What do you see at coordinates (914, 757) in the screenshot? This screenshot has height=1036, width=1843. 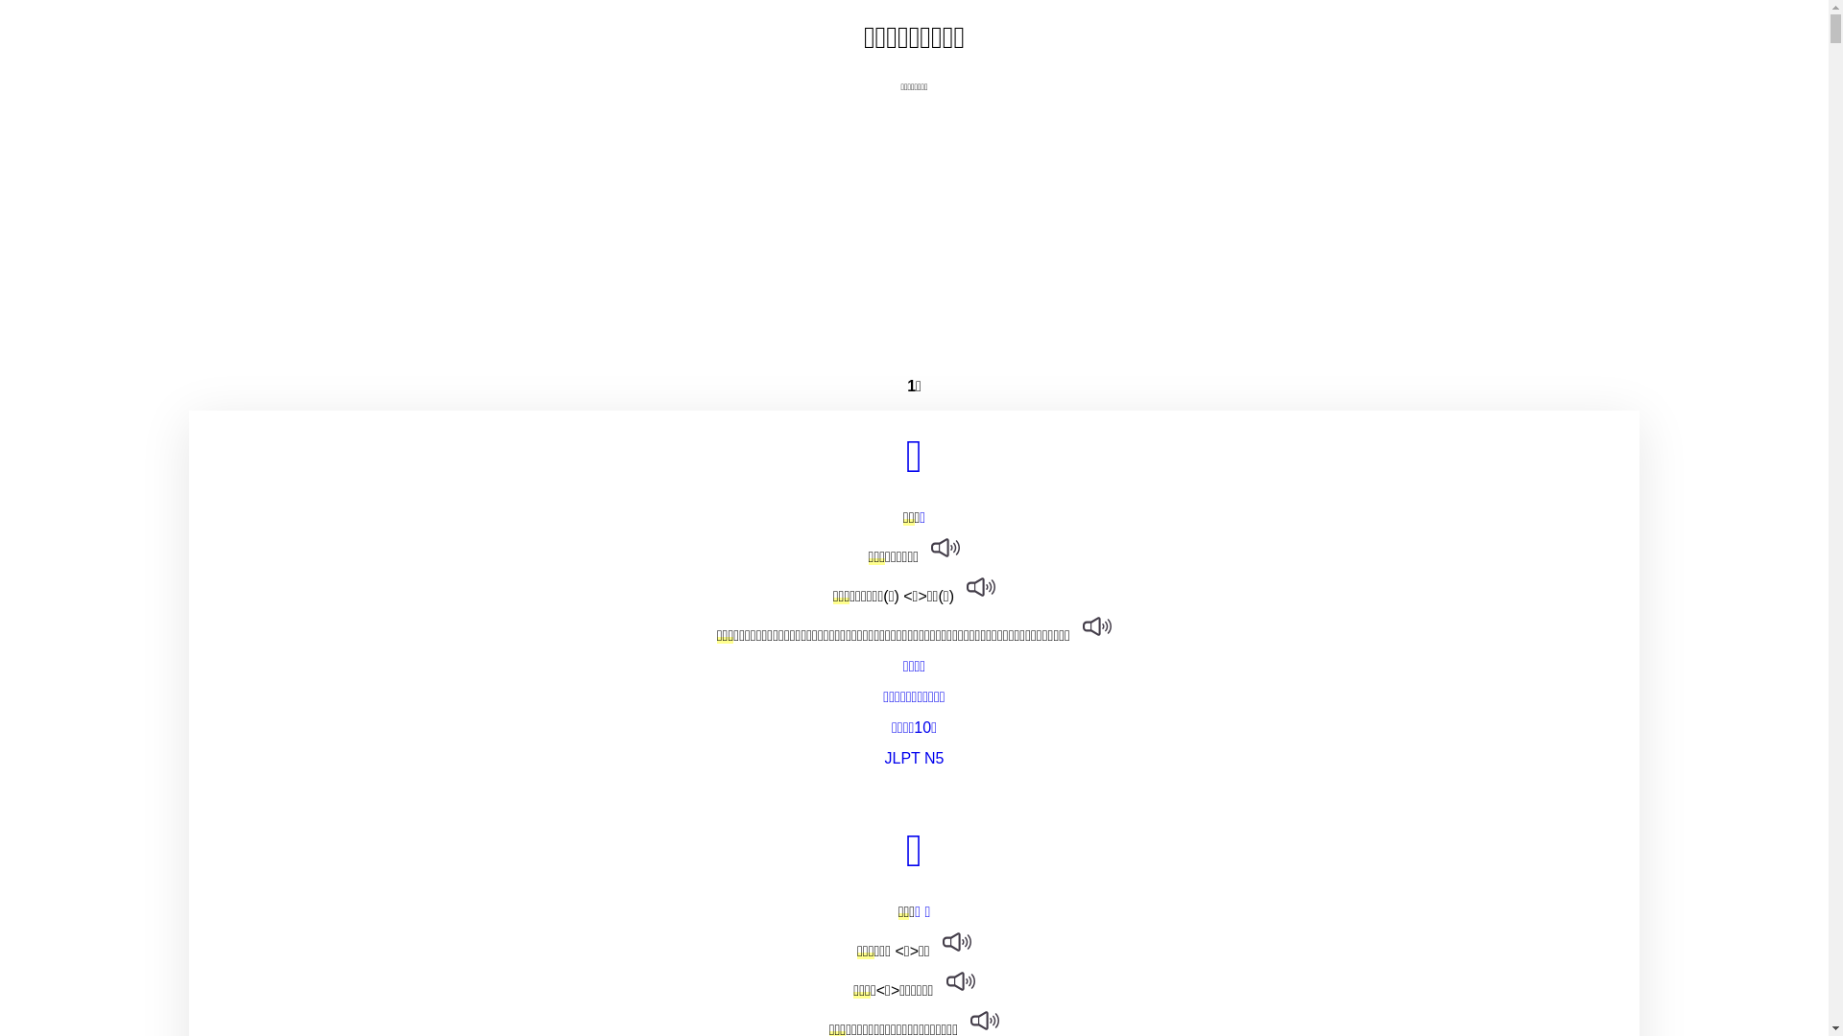 I see `'JLPT N5'` at bounding box center [914, 757].